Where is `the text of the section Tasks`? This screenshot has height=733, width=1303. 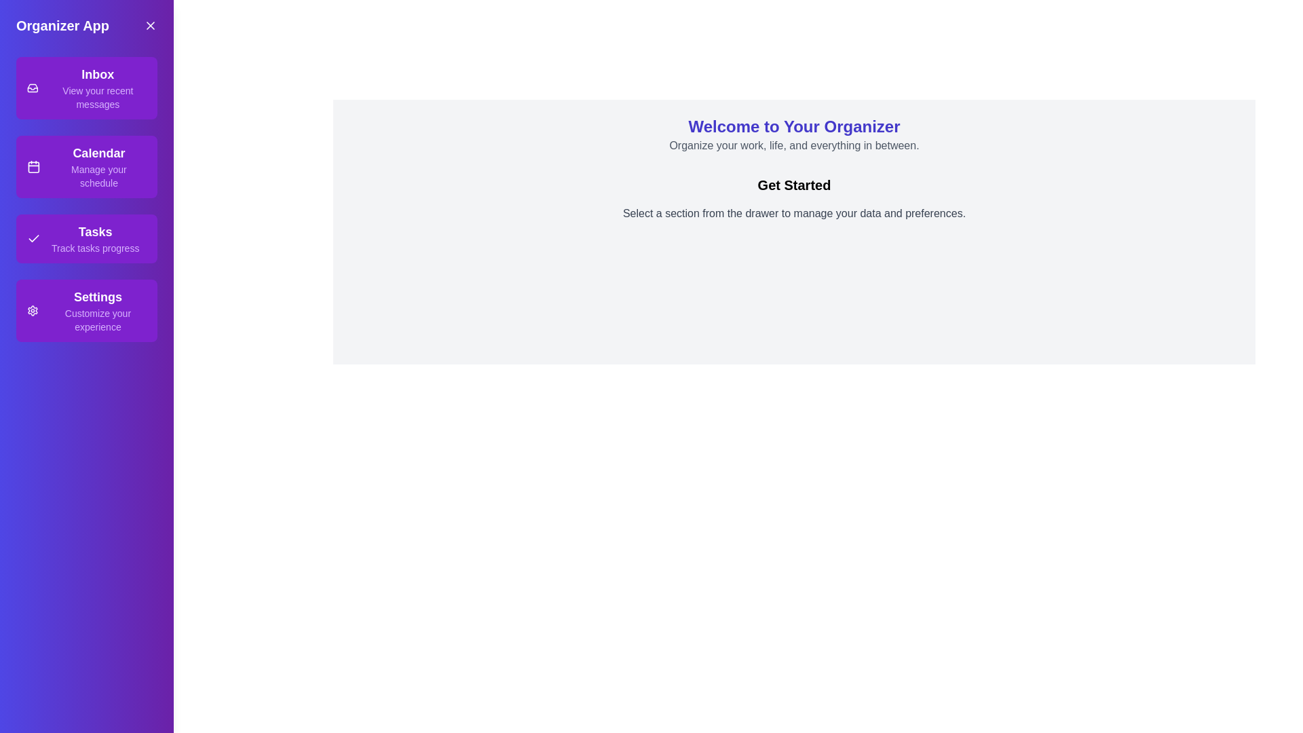
the text of the section Tasks is located at coordinates (86, 238).